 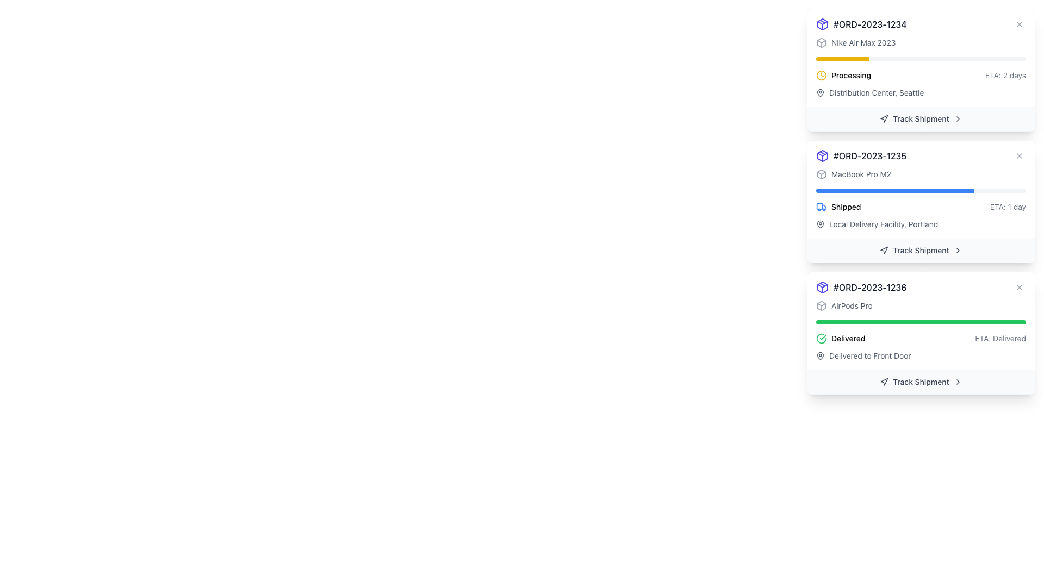 What do you see at coordinates (921, 92) in the screenshot?
I see `the text label 'Distribution Center, Seattle' which is styled in a smaller font size with lighter gray color, located below the 'Processing' label and to the right of a small map pin icon within the card labeled '#ORD-2023-1234'` at bounding box center [921, 92].